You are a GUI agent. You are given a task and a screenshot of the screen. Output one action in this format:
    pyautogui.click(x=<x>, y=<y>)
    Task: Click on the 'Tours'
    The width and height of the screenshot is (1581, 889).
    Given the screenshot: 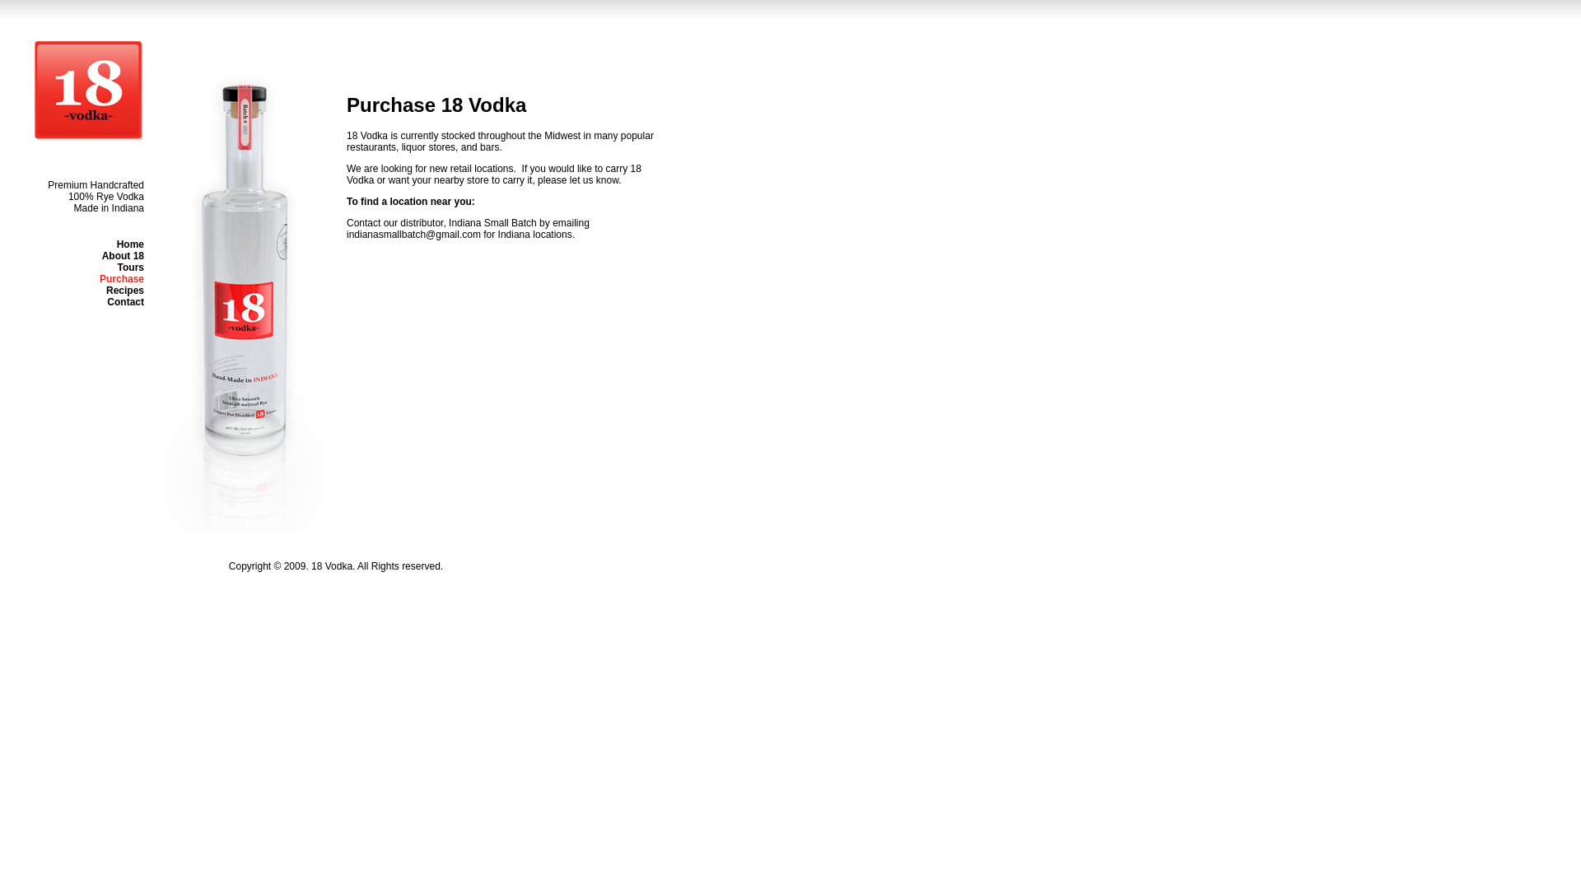 What is the action you would take?
    pyautogui.click(x=117, y=266)
    